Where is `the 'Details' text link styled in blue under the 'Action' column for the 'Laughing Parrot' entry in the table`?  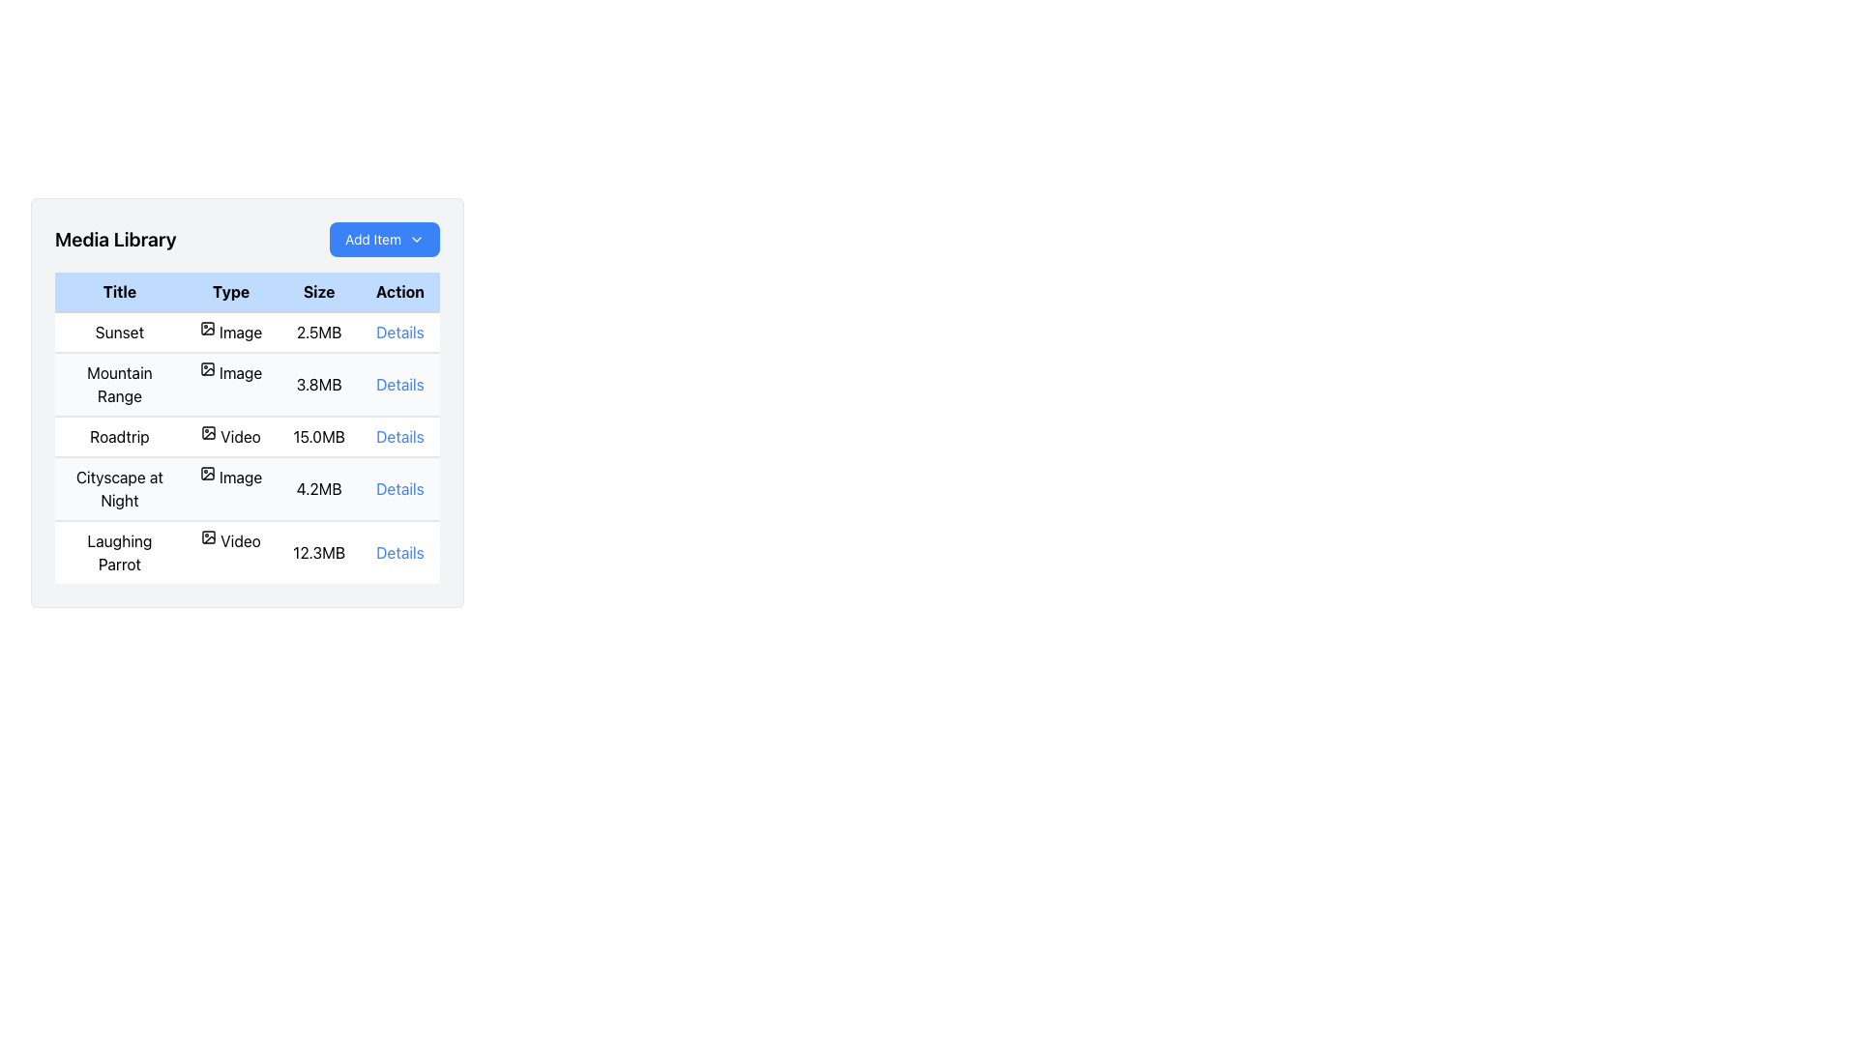
the 'Details' text link styled in blue under the 'Action' column for the 'Laughing Parrot' entry in the table is located at coordinates (398, 552).